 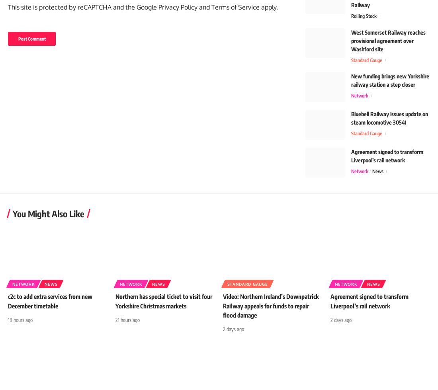 What do you see at coordinates (160, 305) in the screenshot?
I see `'Northern has special ticket to visit four Yorkshire Christmas markets'` at bounding box center [160, 305].